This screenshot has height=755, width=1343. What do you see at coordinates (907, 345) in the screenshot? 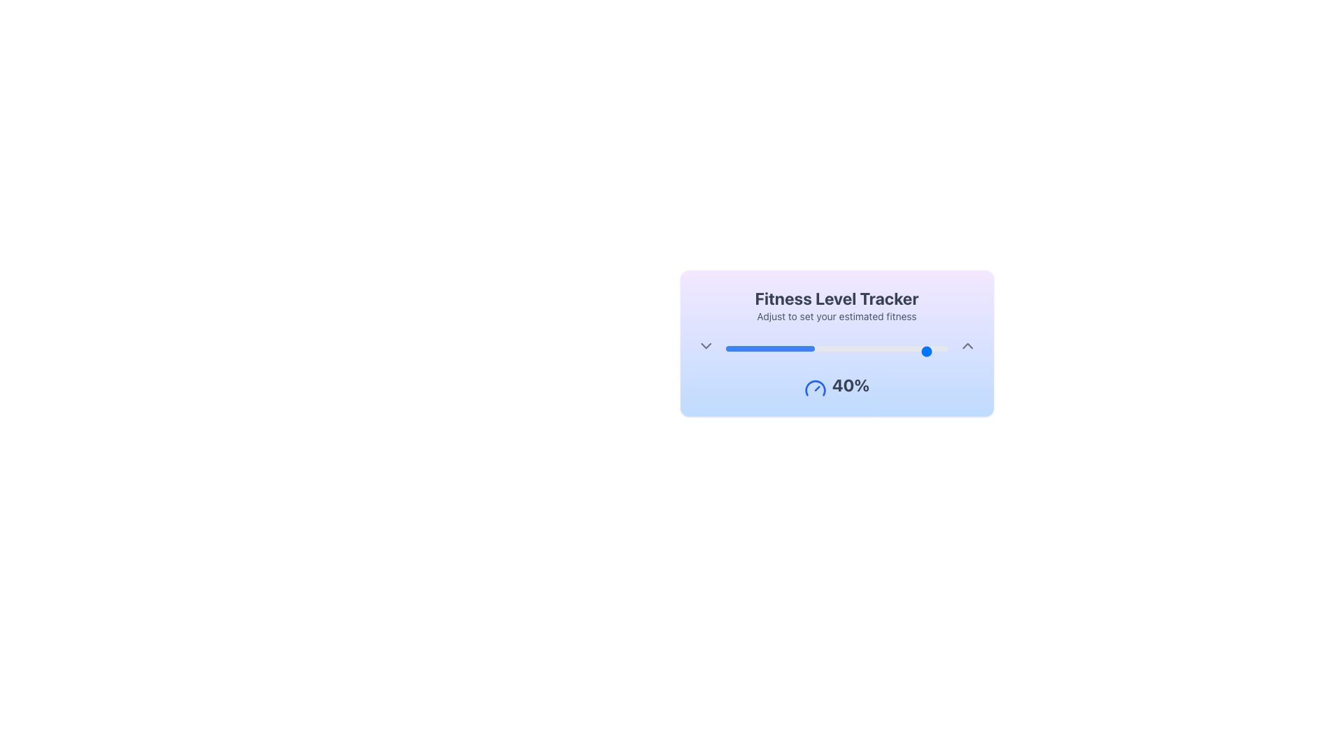
I see `the slider value` at bounding box center [907, 345].